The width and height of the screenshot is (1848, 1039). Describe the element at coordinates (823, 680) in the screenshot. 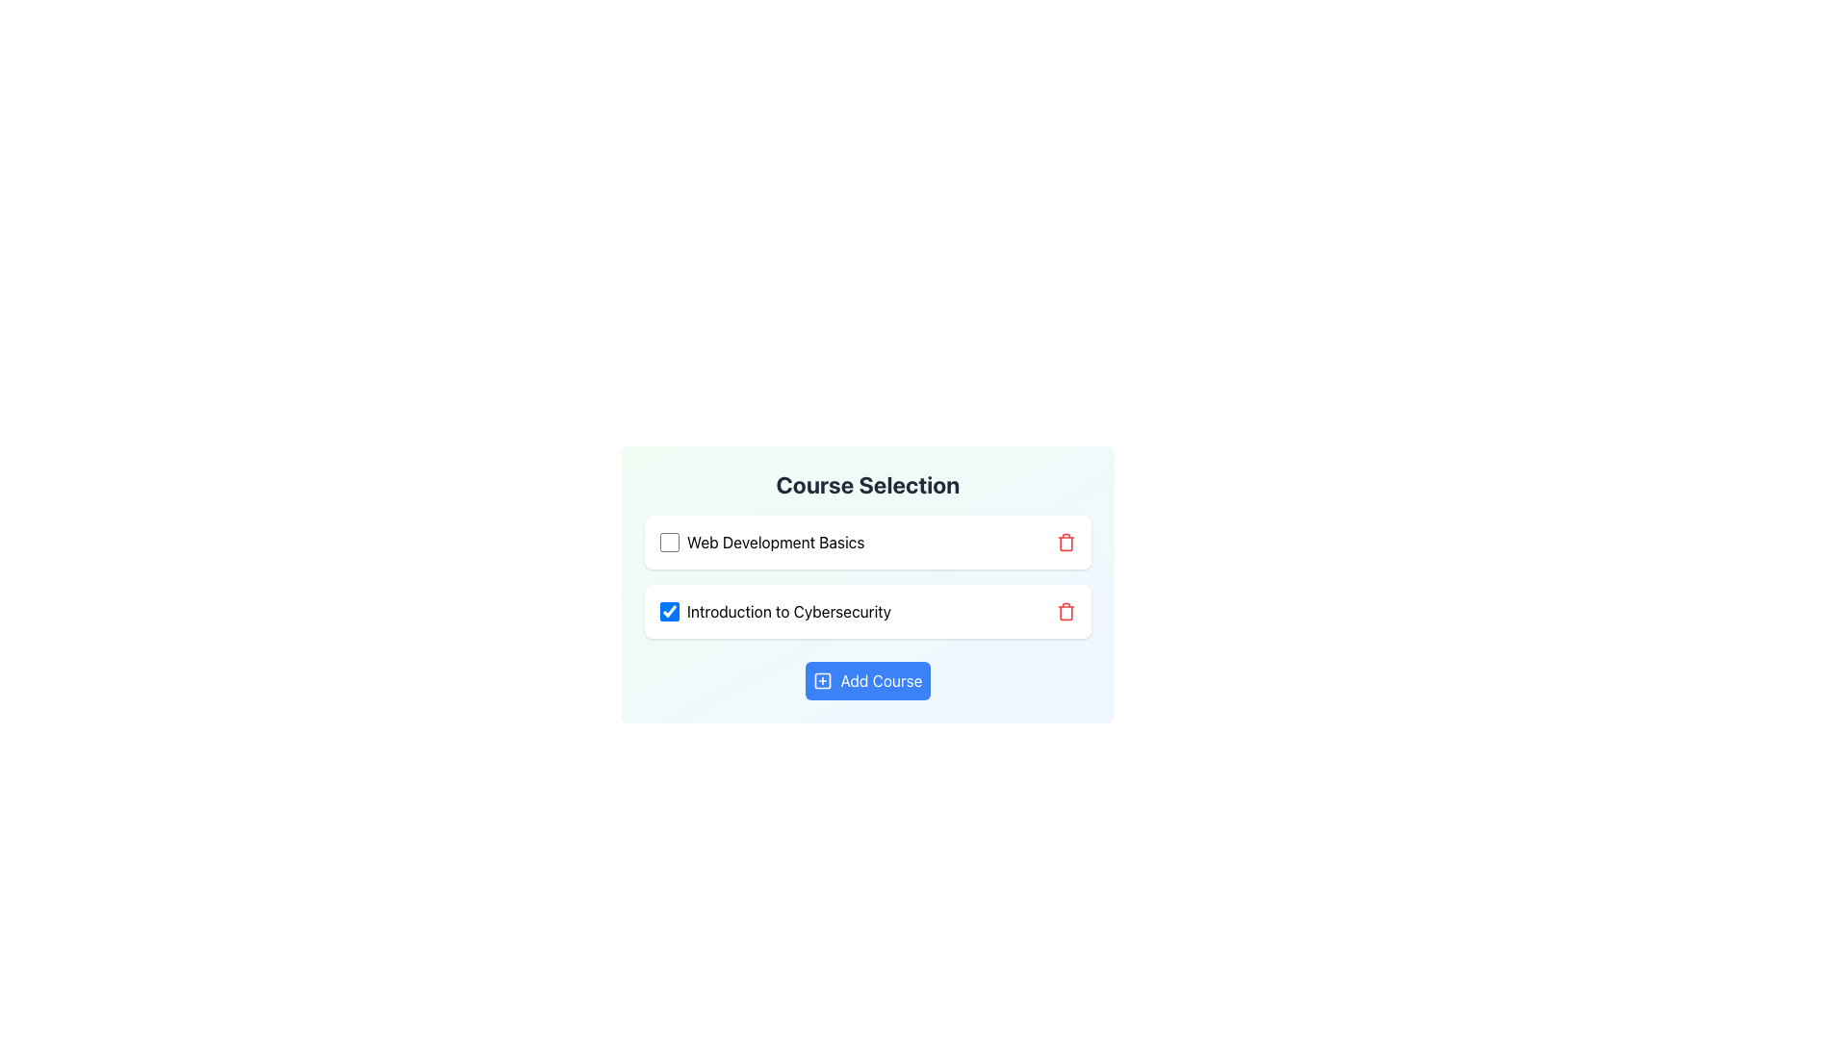

I see `the icon within the 'Add Course' blue button located at the bottom of the 'Course Selection' interface, which is positioned to the left of the text label` at that location.